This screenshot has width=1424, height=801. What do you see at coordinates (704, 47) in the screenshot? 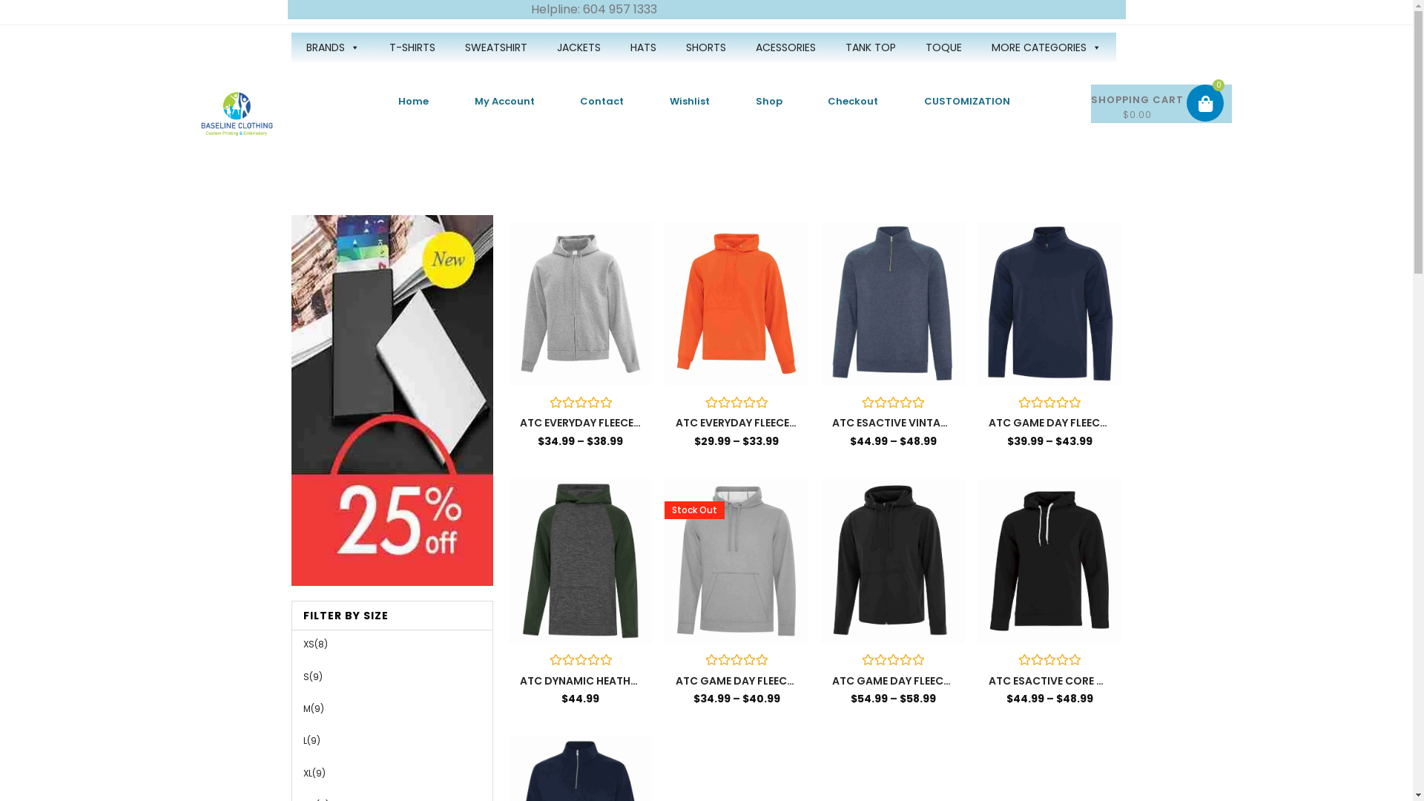
I see `'SHORTS'` at bounding box center [704, 47].